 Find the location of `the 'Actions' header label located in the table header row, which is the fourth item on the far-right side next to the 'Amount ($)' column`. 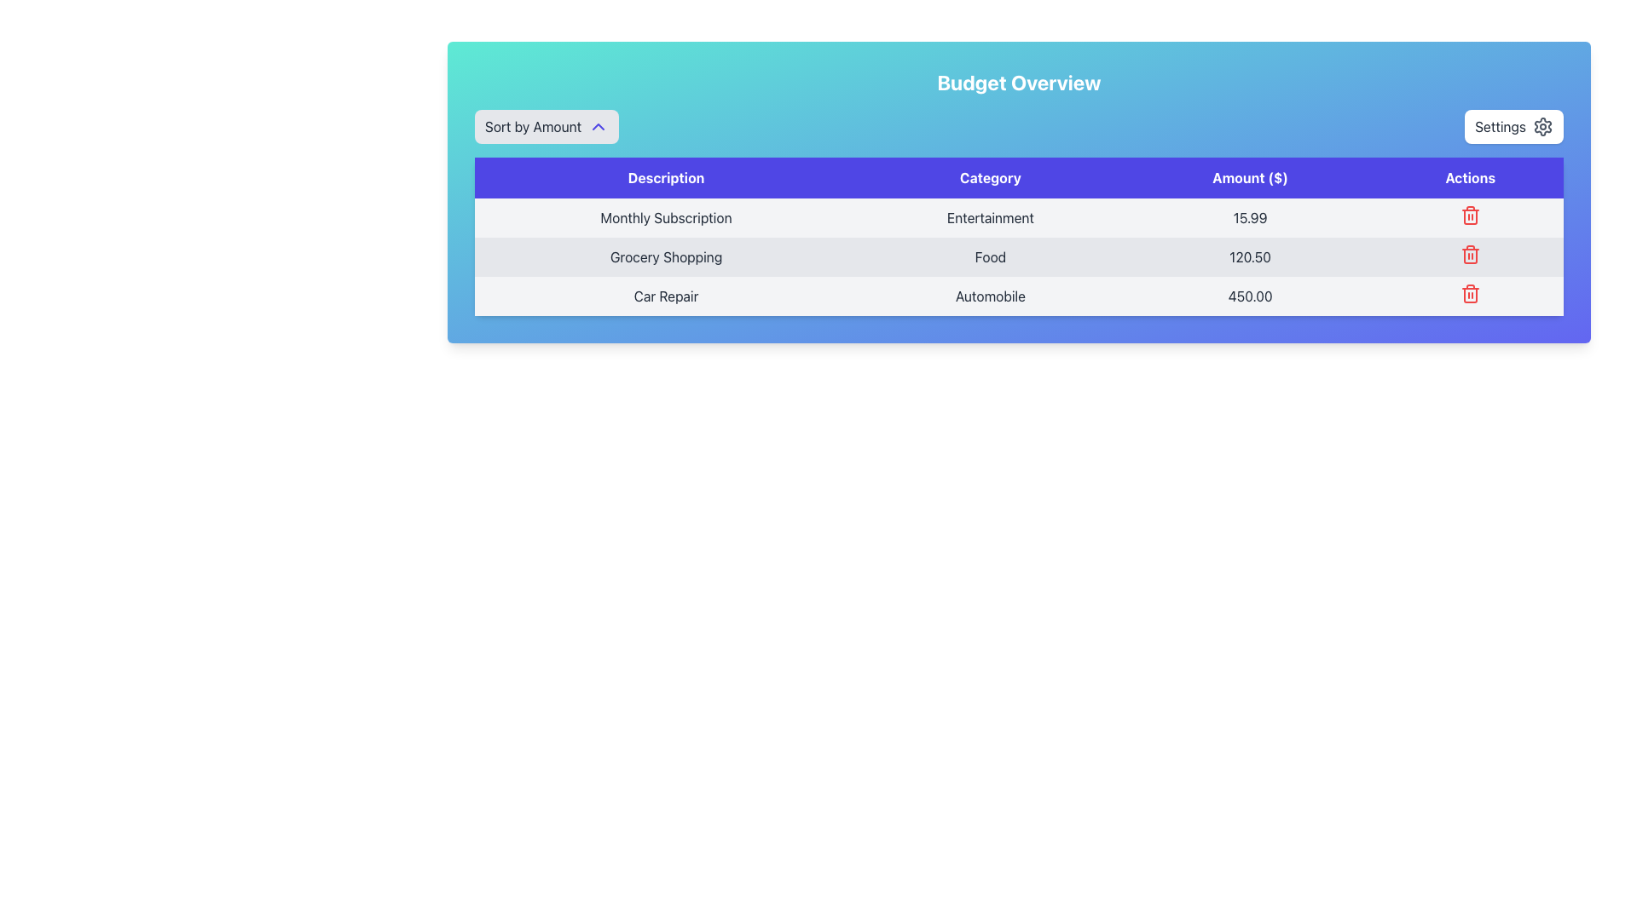

the 'Actions' header label located in the table header row, which is the fourth item on the far-right side next to the 'Amount ($)' column is located at coordinates (1469, 177).